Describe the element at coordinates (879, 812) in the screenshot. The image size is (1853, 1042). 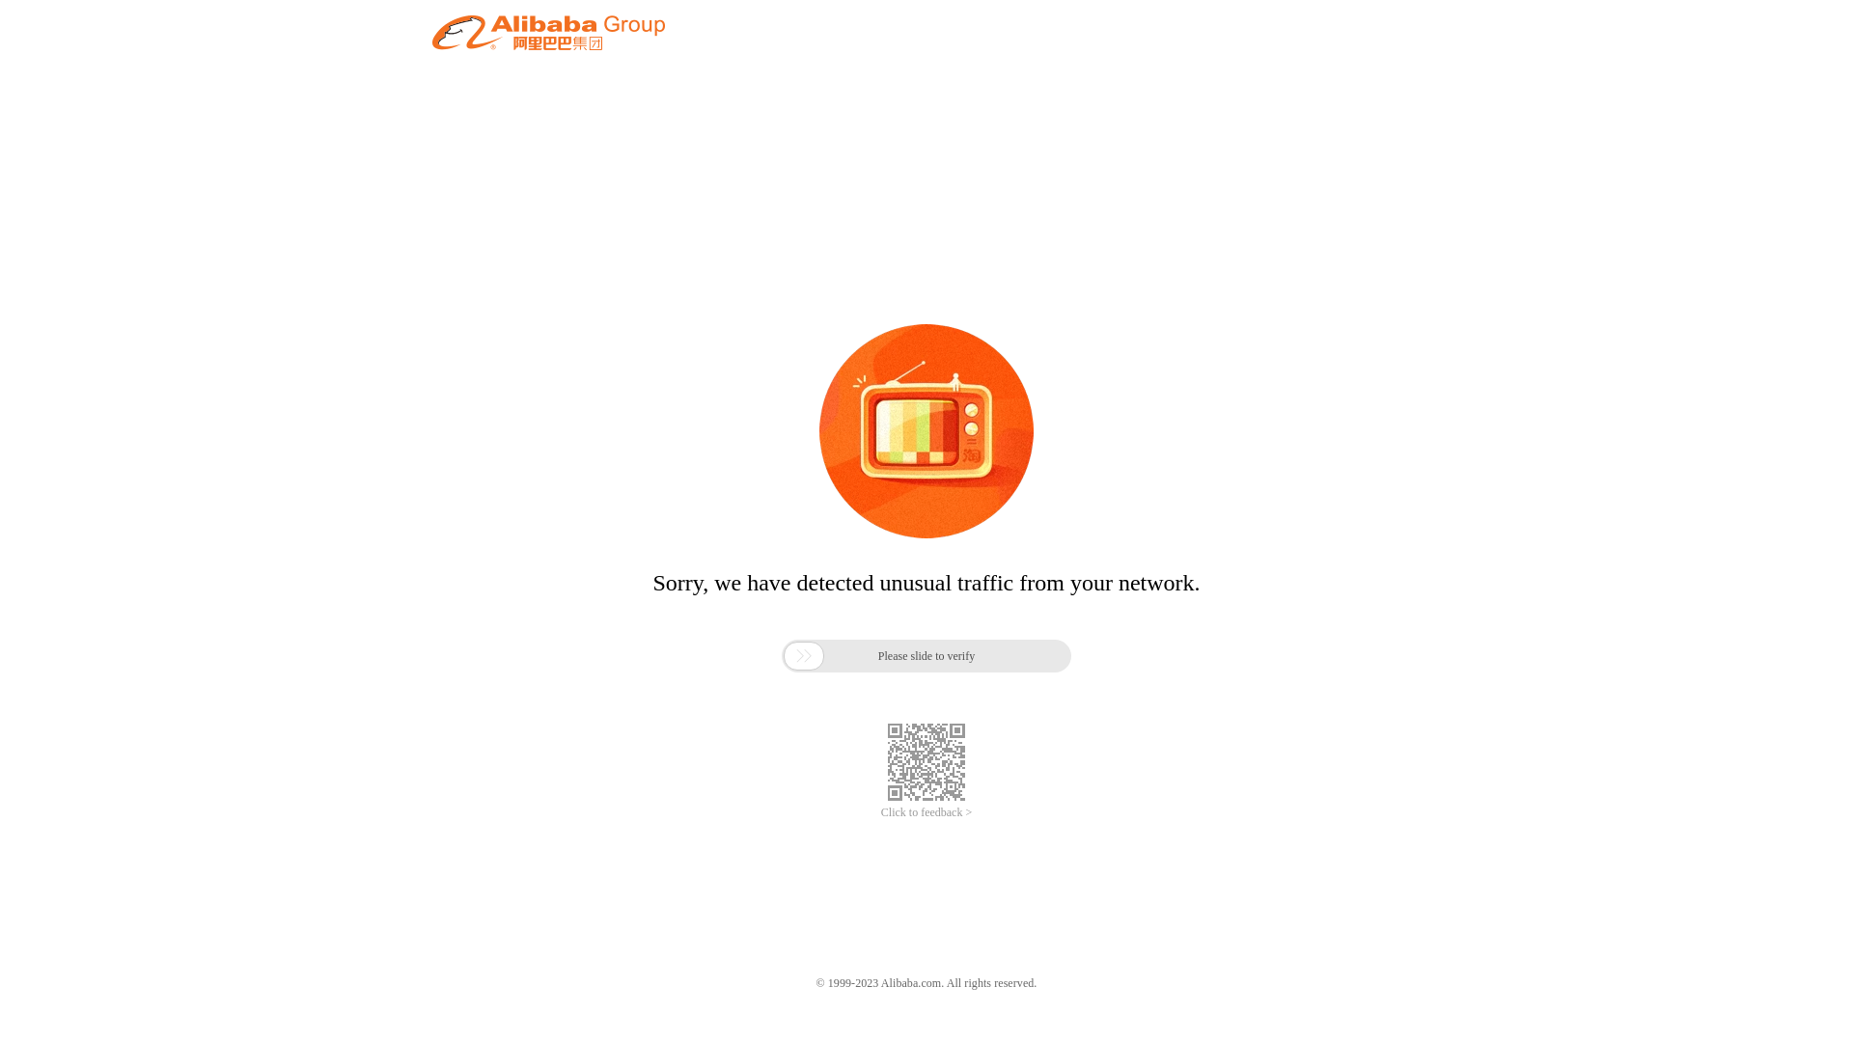
I see `'Click to feedback >'` at that location.